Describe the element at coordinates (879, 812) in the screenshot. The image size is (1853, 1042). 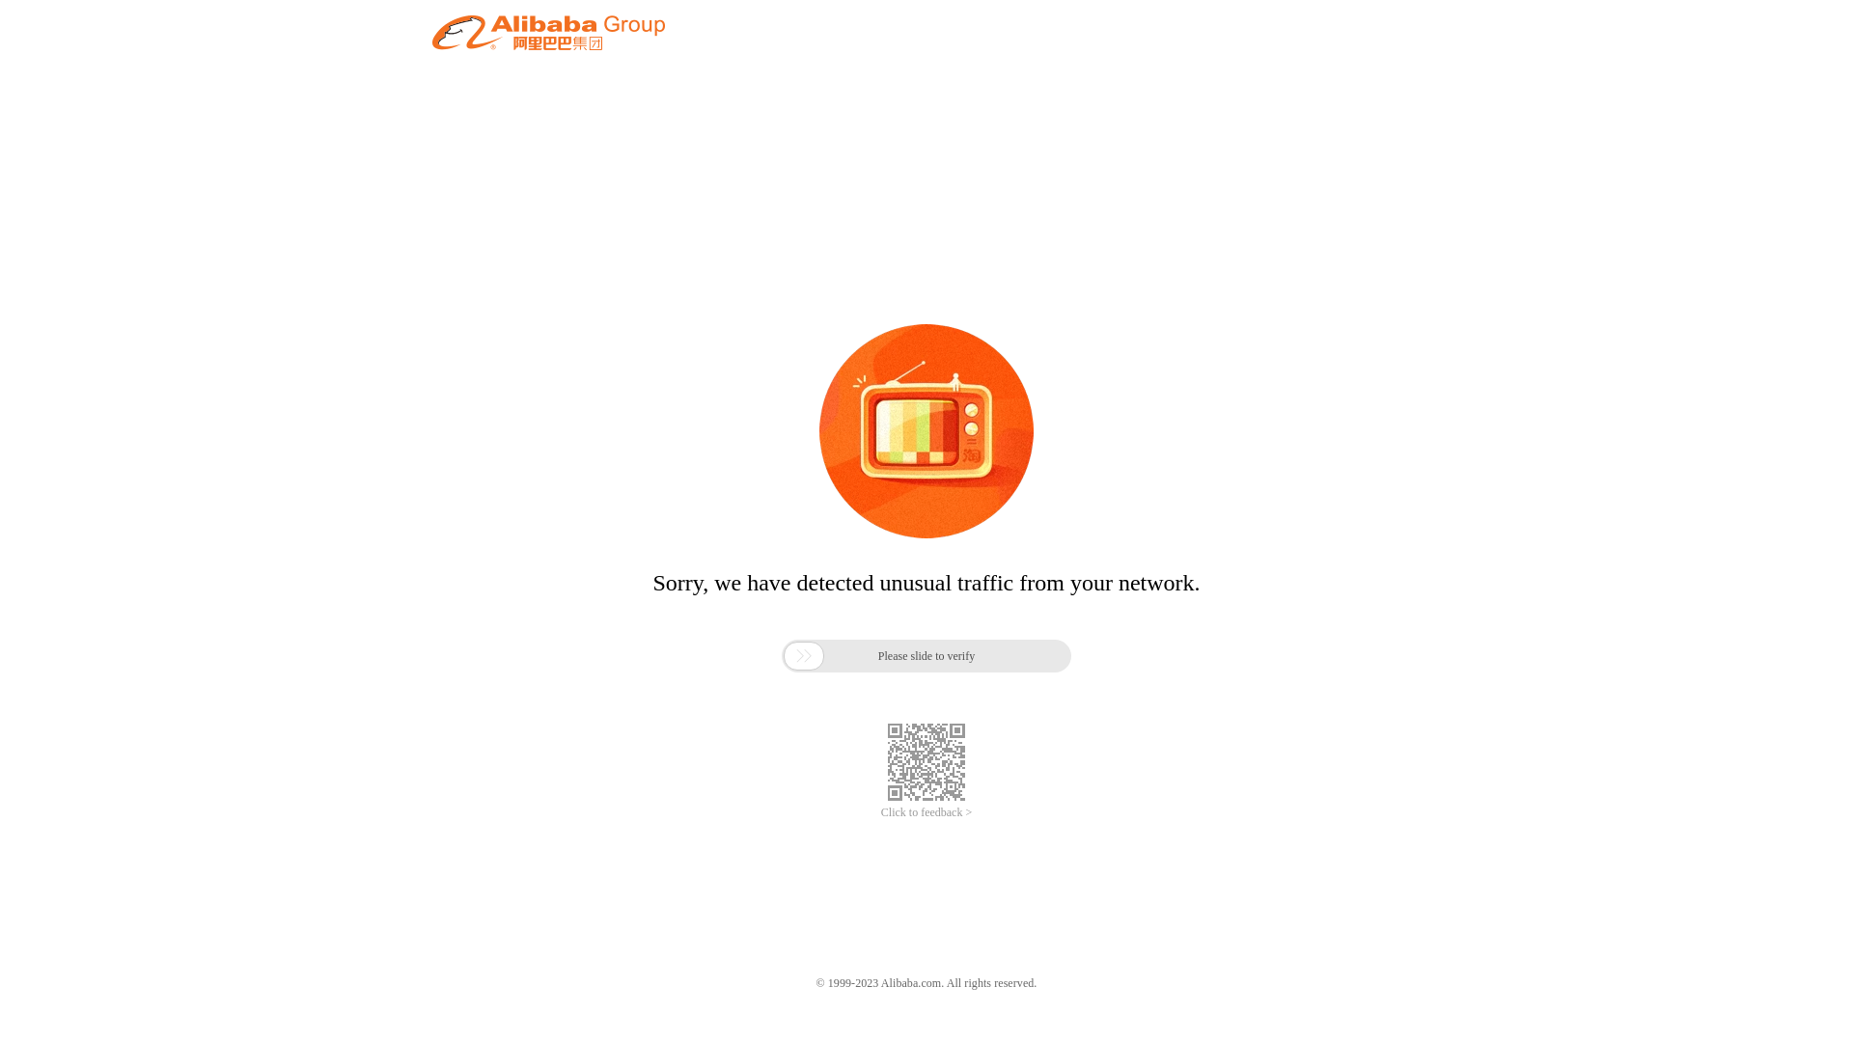
I see `'Click to feedback >'` at that location.